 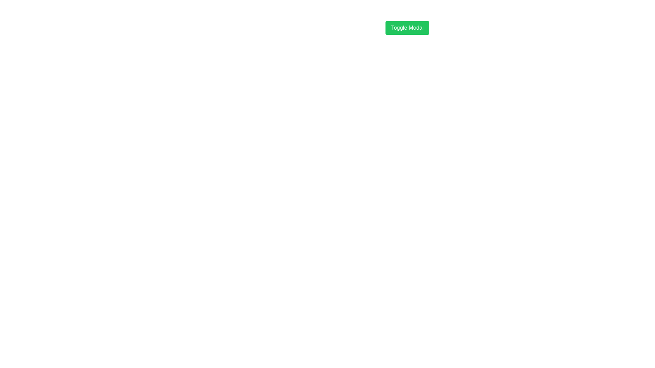 I want to click on the green button labeled 'Toggle Modal' to provide visual feedback, so click(x=407, y=27).